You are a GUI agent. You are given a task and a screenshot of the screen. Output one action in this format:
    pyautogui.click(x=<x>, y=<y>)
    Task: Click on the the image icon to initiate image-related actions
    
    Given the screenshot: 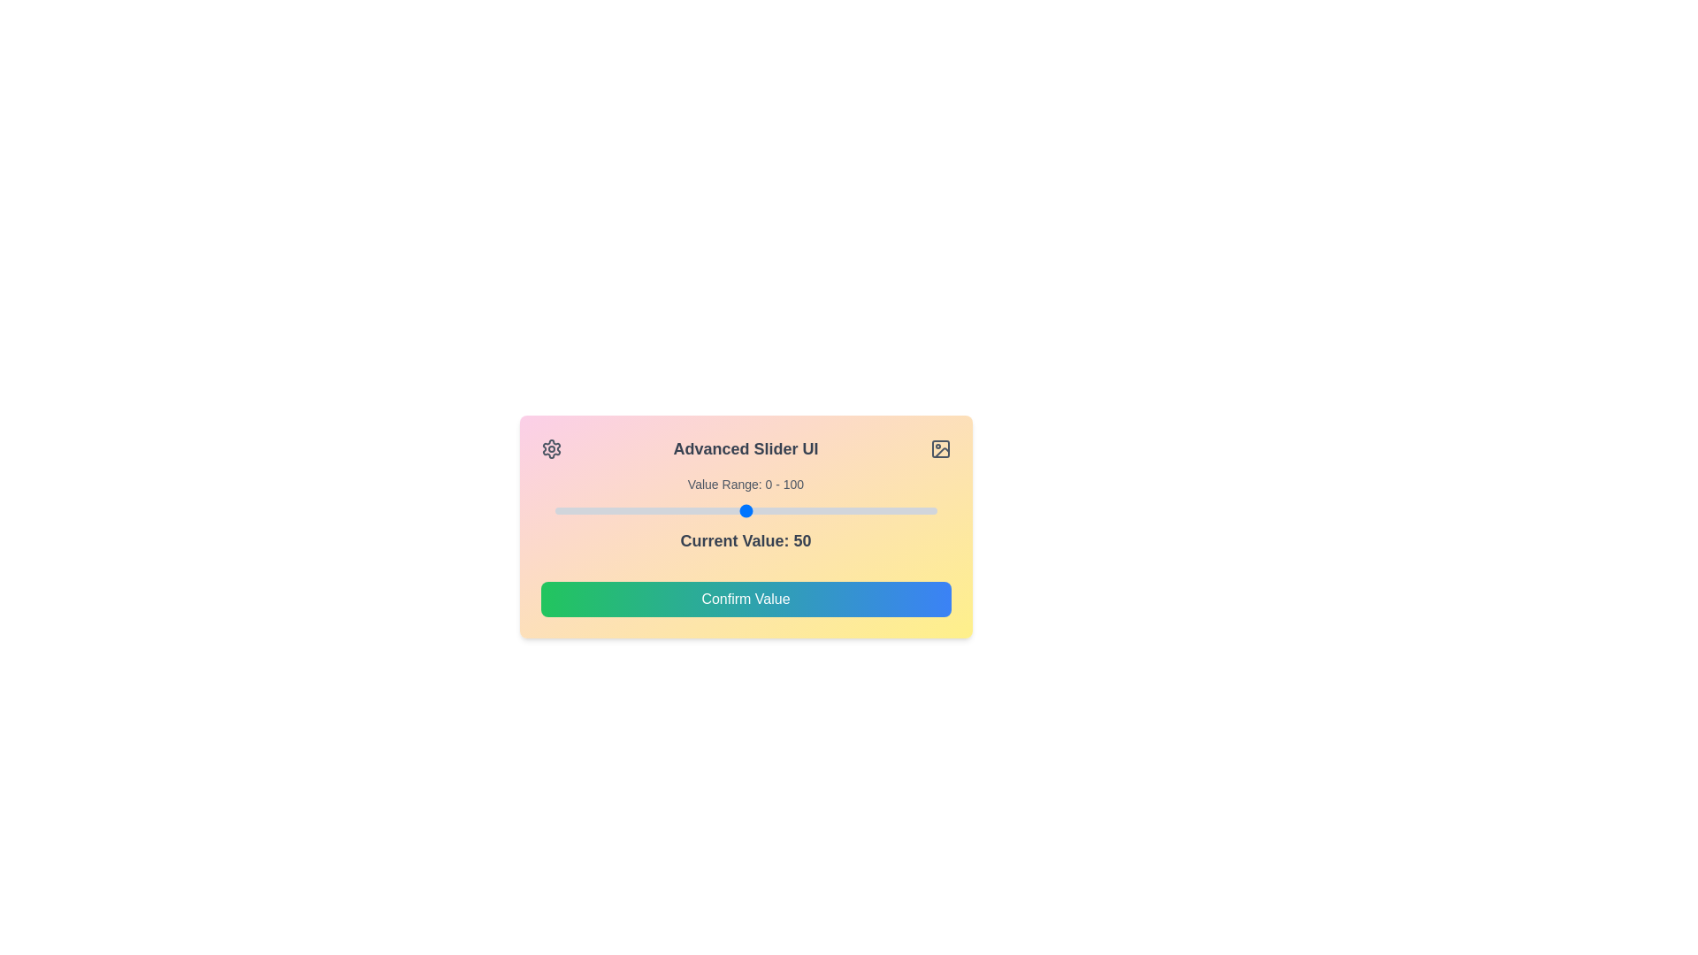 What is the action you would take?
    pyautogui.click(x=939, y=448)
    